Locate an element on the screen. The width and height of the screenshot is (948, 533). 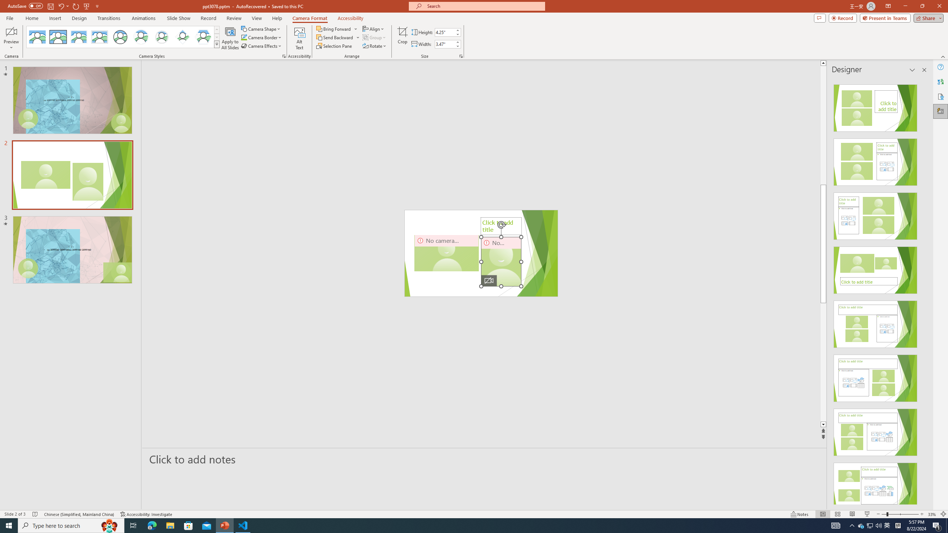
'Cameo Height' is located at coordinates (444, 32).